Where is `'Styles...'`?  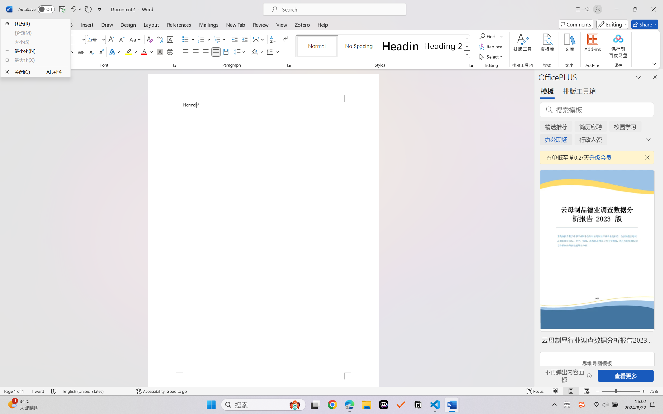 'Styles...' is located at coordinates (471, 65).